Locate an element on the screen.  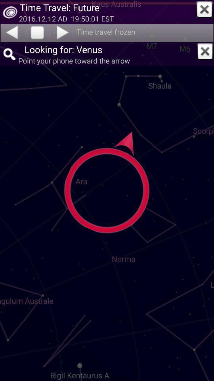
exit the advertisement is located at coordinates (204, 9).